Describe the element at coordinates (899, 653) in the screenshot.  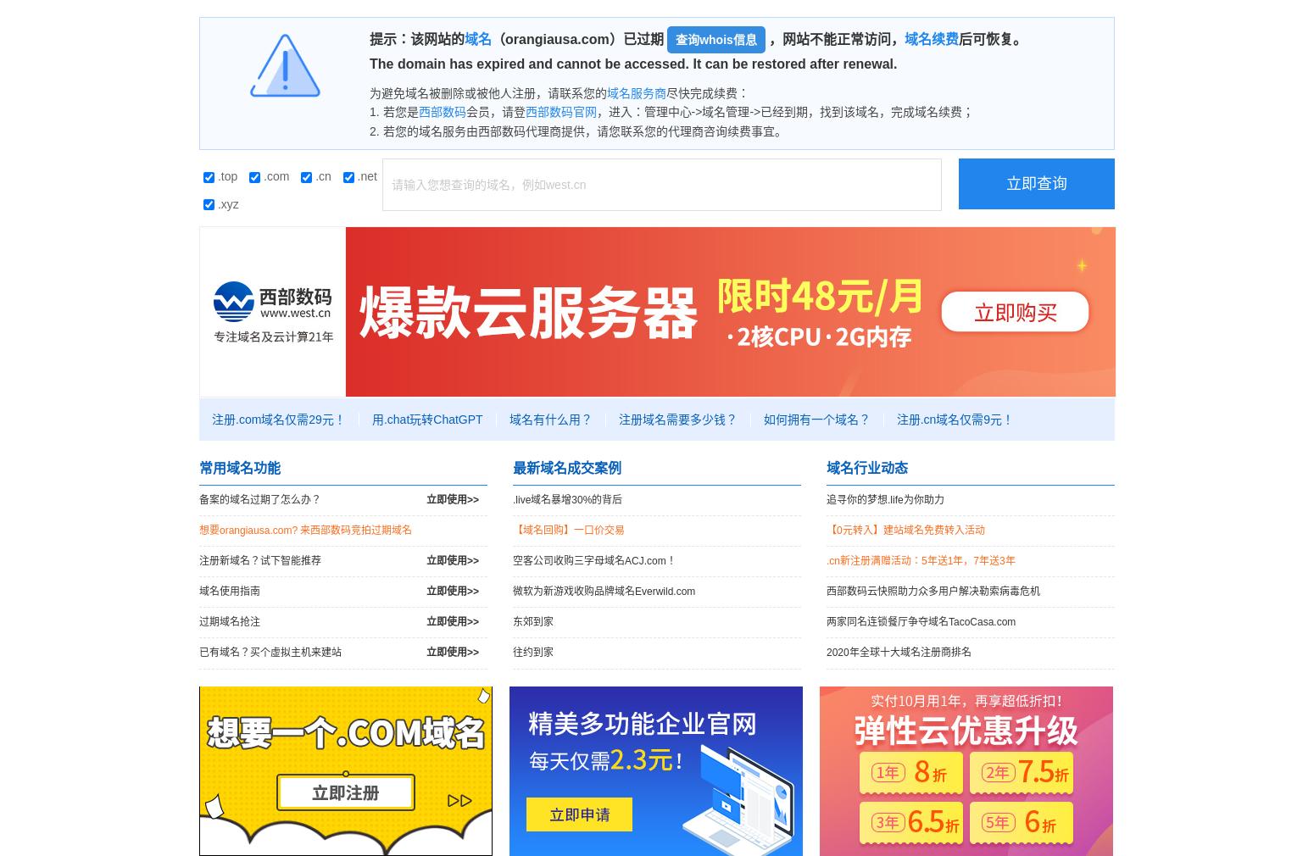
I see `'2020年全球十大域名注册商排名'` at that location.